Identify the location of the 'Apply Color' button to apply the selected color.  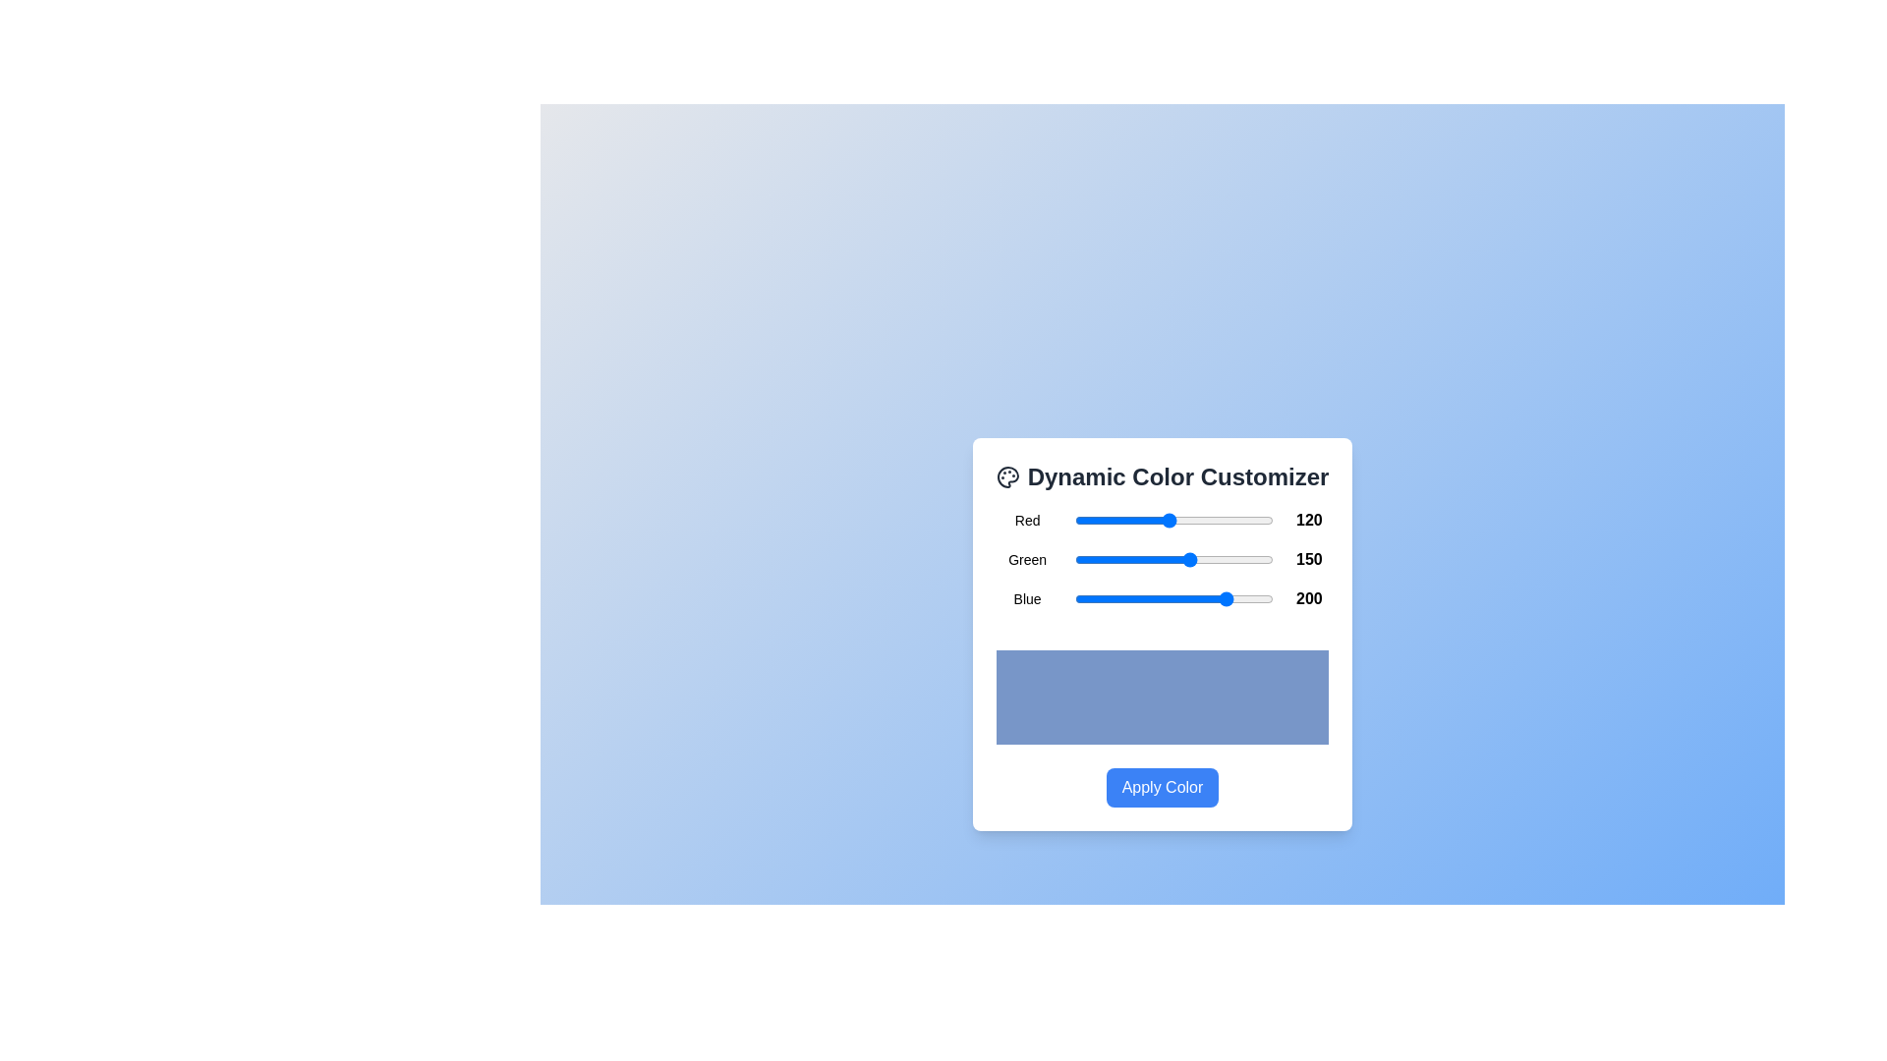
(1162, 787).